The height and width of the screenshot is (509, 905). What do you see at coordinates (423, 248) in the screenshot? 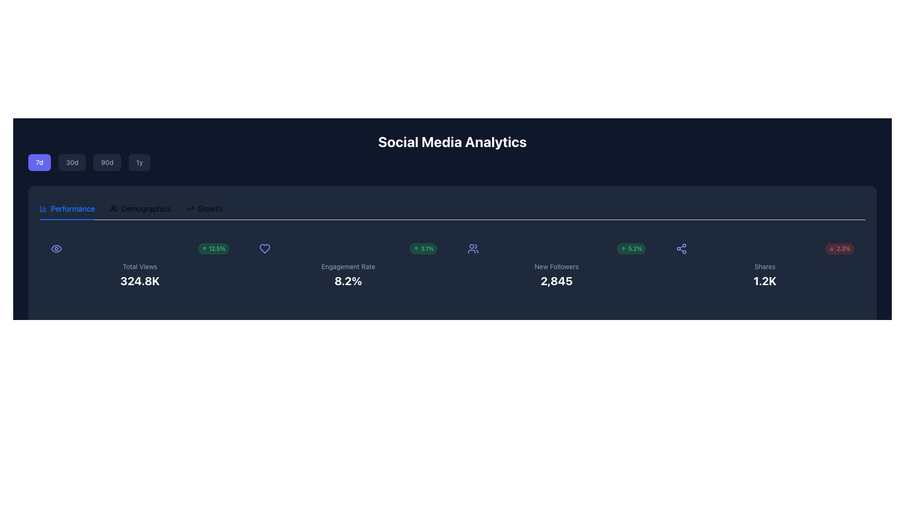
I see `the text element indicating the percentage change in engagement rate, which is positioned in the second metric section of the 'Social Media Analytics' panel, to the right of the 'Engagement Rate' label and value` at bounding box center [423, 248].